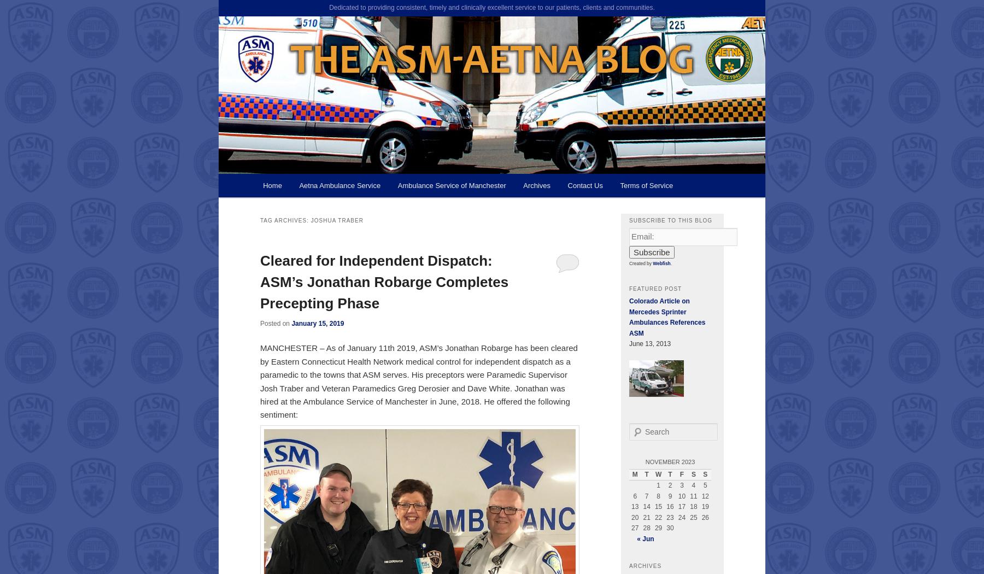 Image resolution: width=984 pixels, height=574 pixels. I want to click on '24', so click(682, 517).